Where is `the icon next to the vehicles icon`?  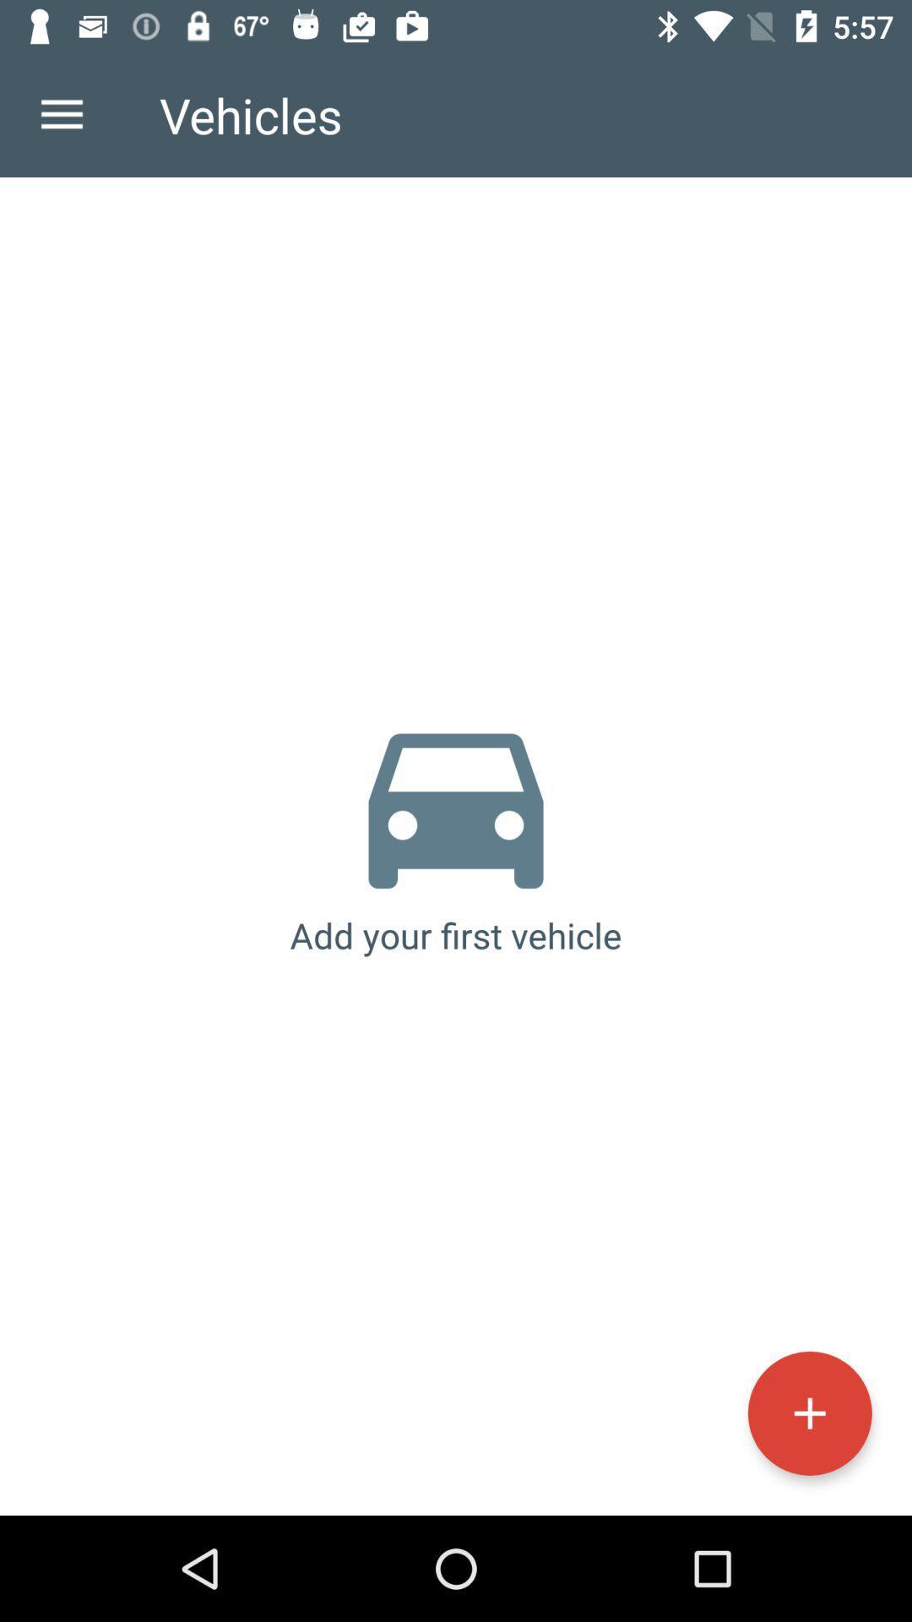
the icon next to the vehicles icon is located at coordinates (61, 114).